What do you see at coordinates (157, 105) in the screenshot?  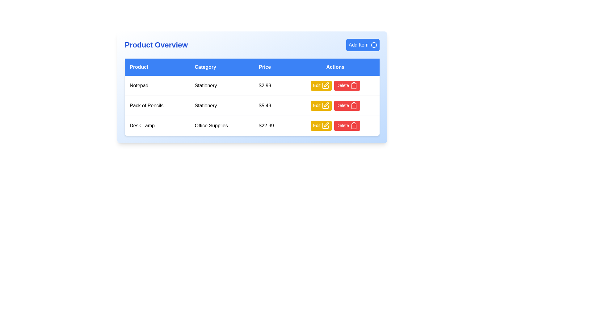 I see `the 'Product' text label in the second row of the table, which identifies the name of a listed product` at bounding box center [157, 105].